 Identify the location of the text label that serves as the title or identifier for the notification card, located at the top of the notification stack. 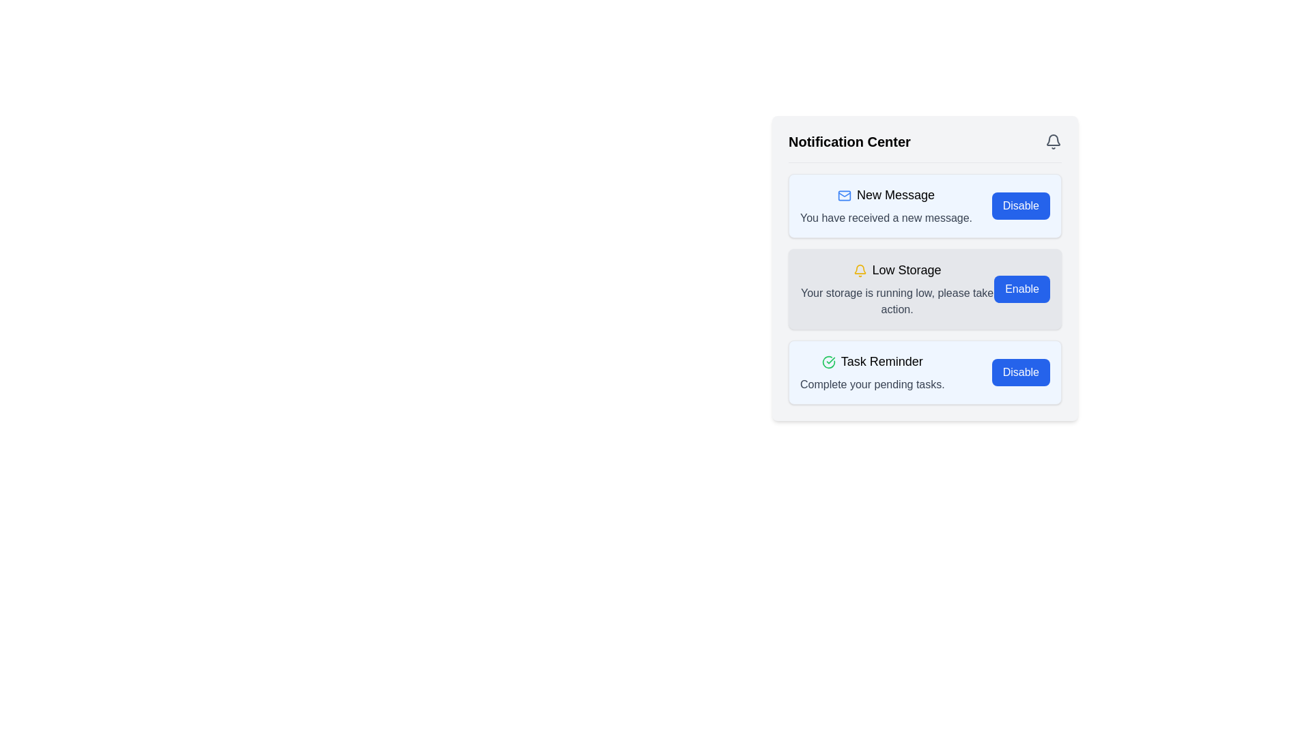
(886, 194).